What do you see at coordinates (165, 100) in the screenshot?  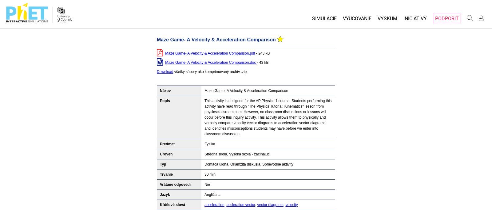 I see `'Popis'` at bounding box center [165, 100].